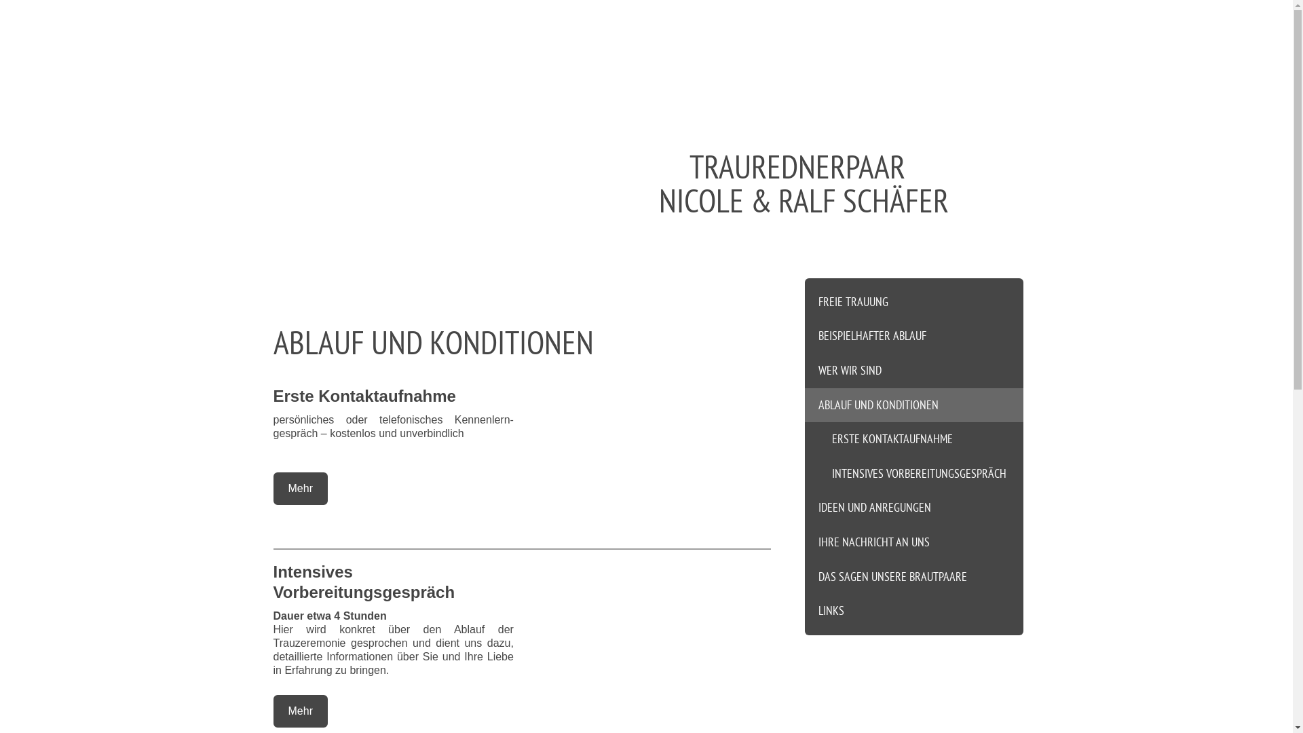 The image size is (1303, 733). I want to click on 'BEISPIELHAFTER ABLAUF', so click(914, 336).